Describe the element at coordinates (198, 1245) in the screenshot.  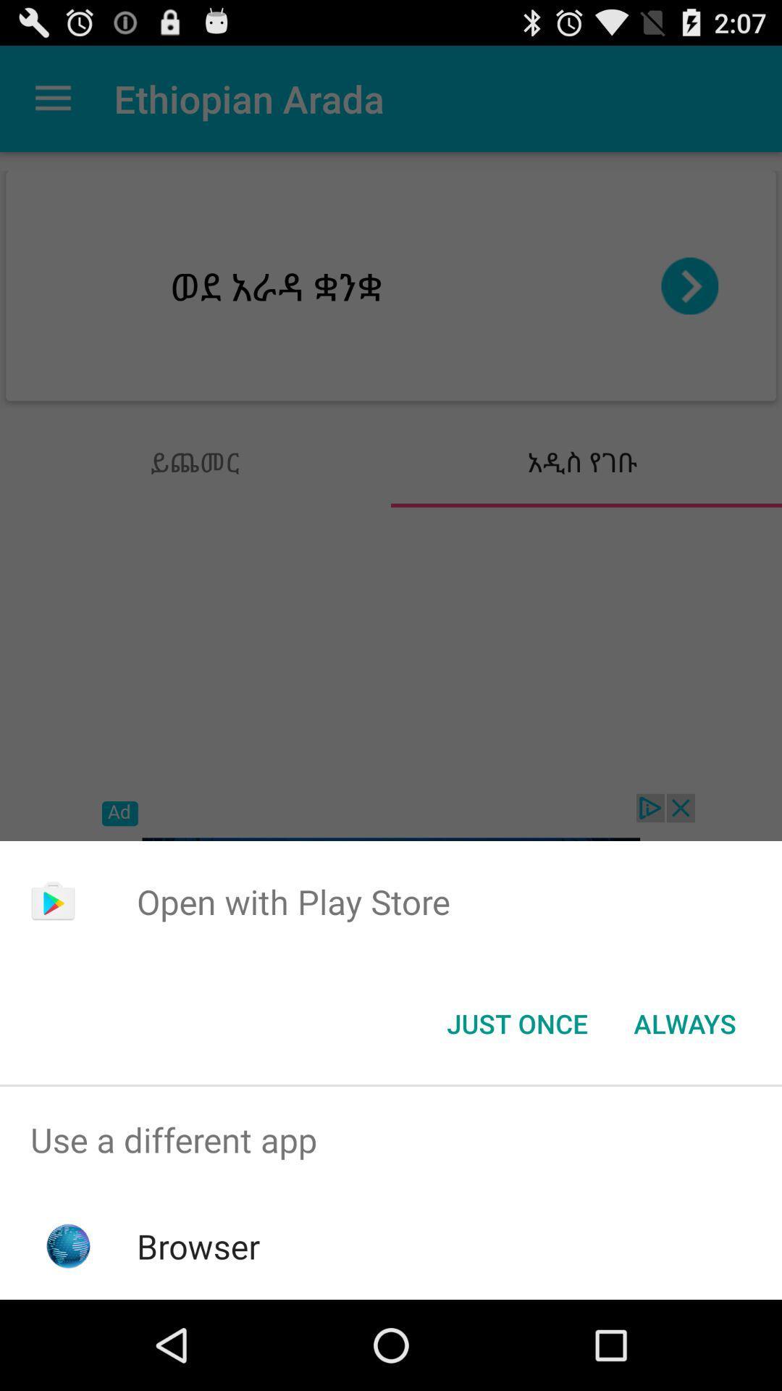
I see `the browser icon` at that location.